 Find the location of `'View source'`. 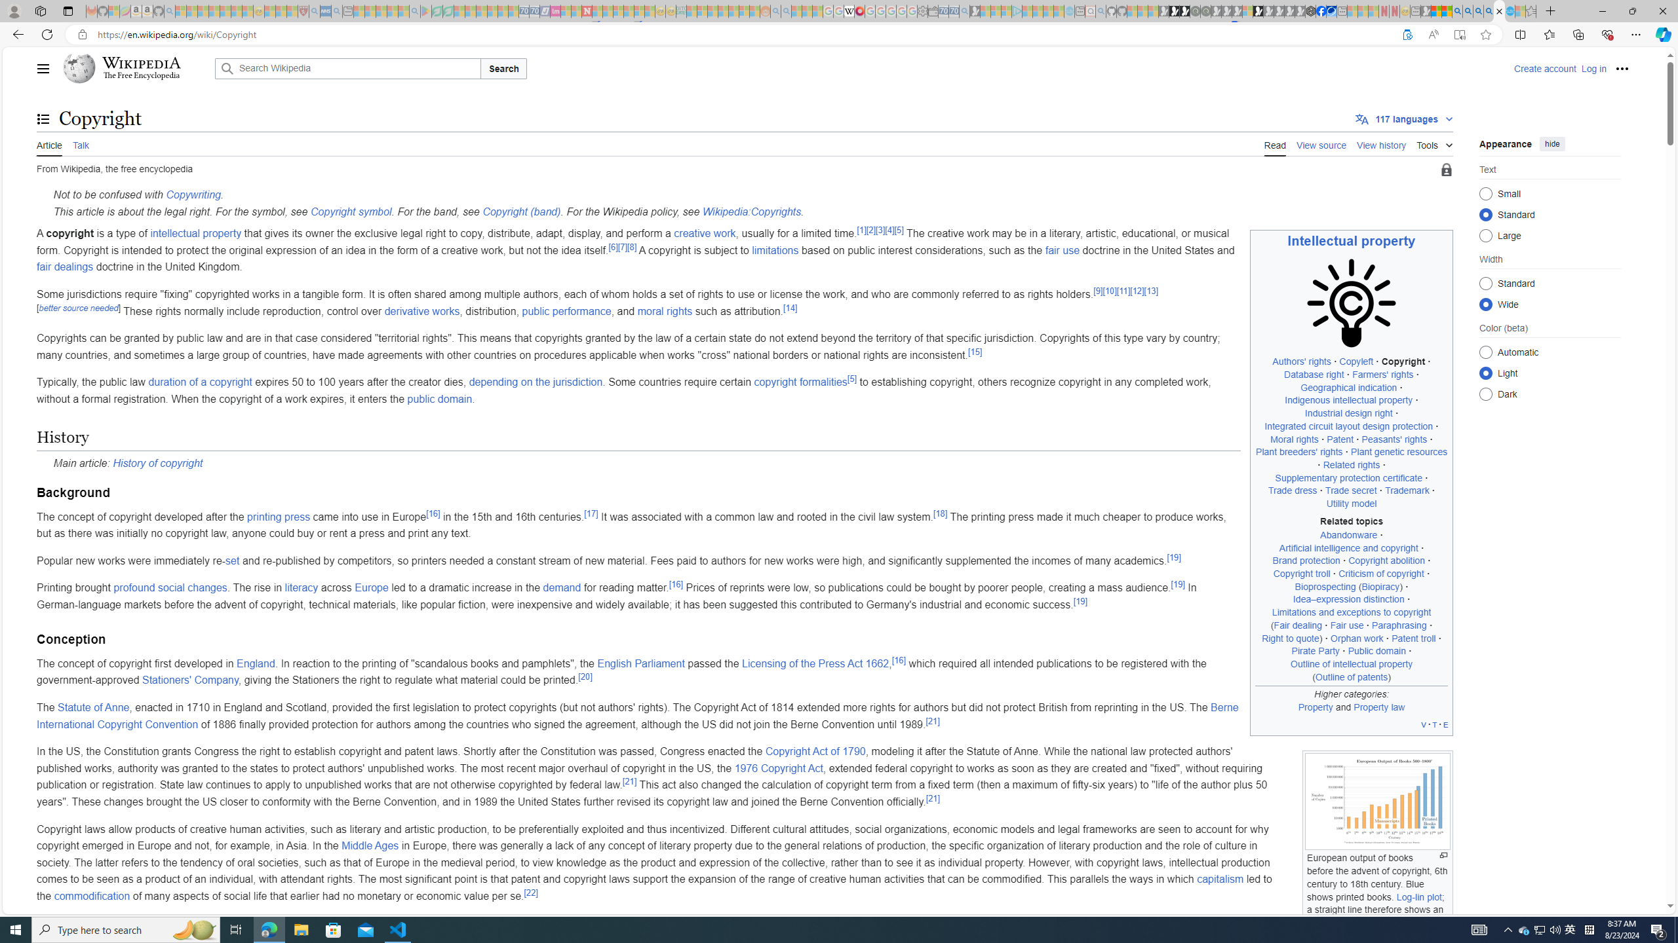

'View source' is located at coordinates (1322, 143).